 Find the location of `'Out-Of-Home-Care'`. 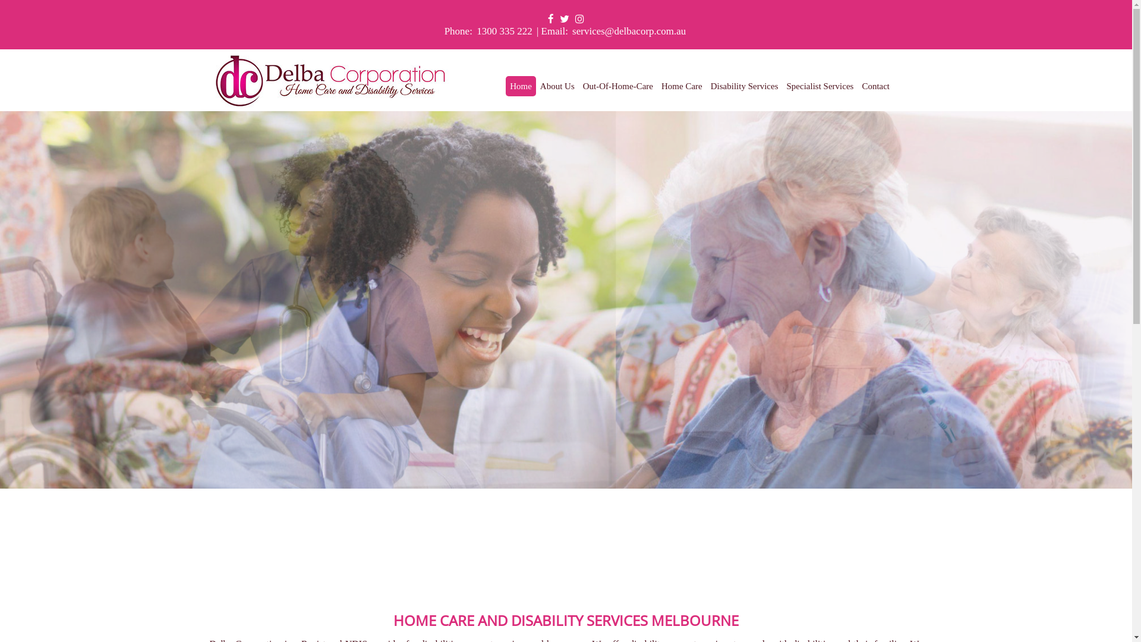

'Out-Of-Home-Care' is located at coordinates (618, 86).